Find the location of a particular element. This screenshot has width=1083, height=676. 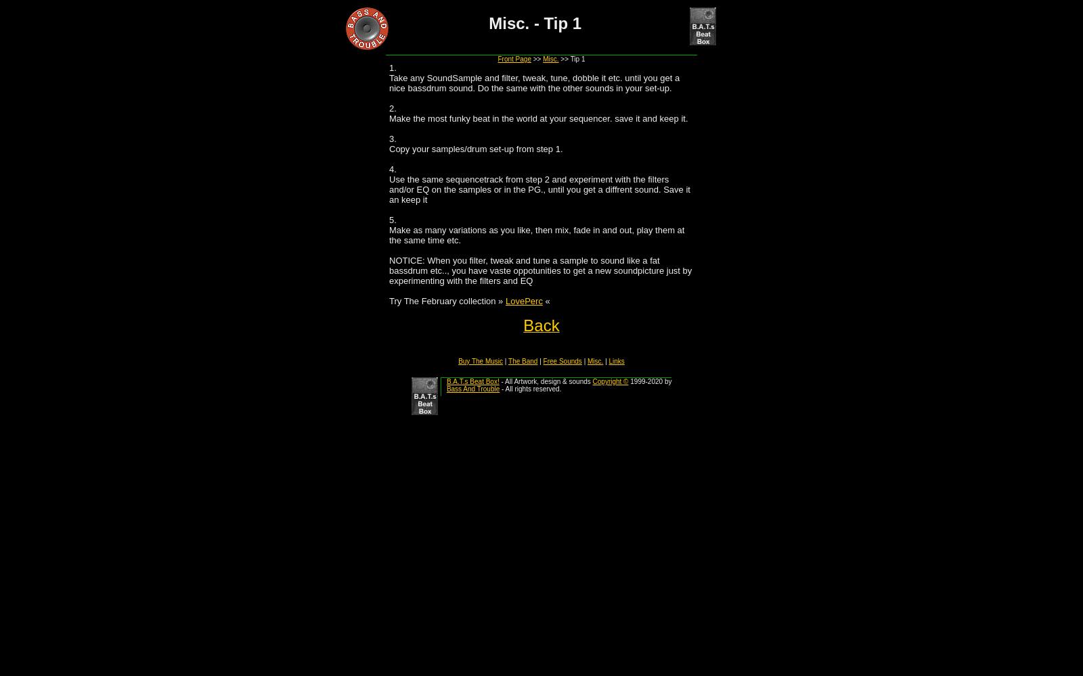

'>> Tip 1' is located at coordinates (557, 58).